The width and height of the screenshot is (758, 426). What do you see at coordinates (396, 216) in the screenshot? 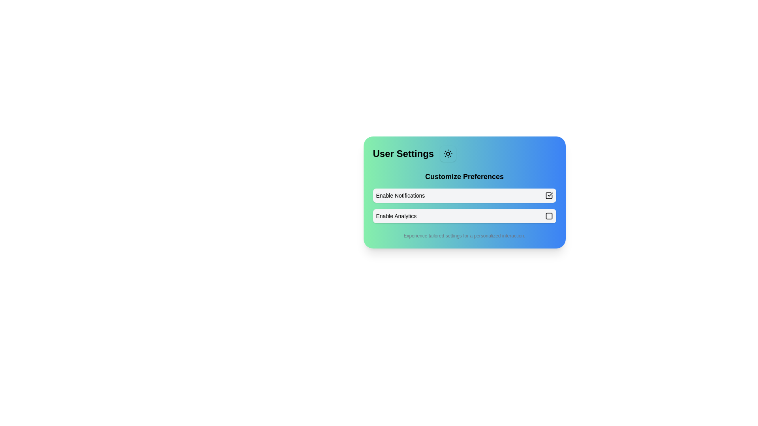
I see `the 'Enable Analytics' text label, which is styled with a smaller font and medium weight, positioned within a rectangular user interface component with a light background and rounded corners` at bounding box center [396, 216].